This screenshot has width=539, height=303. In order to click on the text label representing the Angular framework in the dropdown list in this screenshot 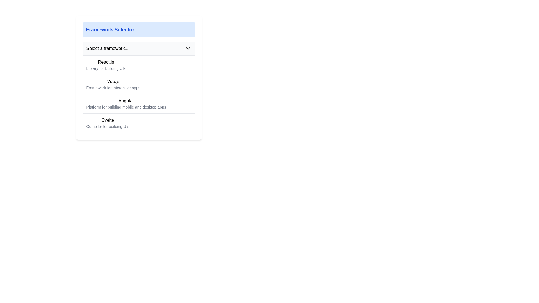, I will do `click(126, 100)`.